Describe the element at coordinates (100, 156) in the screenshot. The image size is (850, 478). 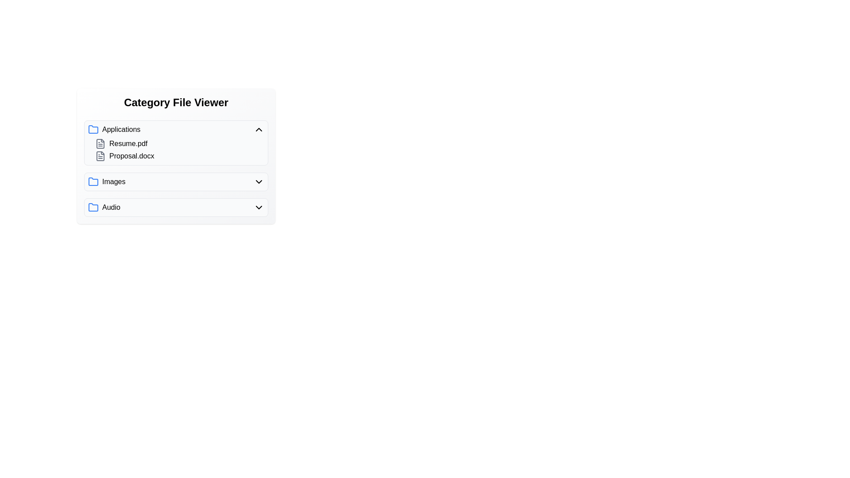
I see `the file icon for Proposal.docx` at that location.